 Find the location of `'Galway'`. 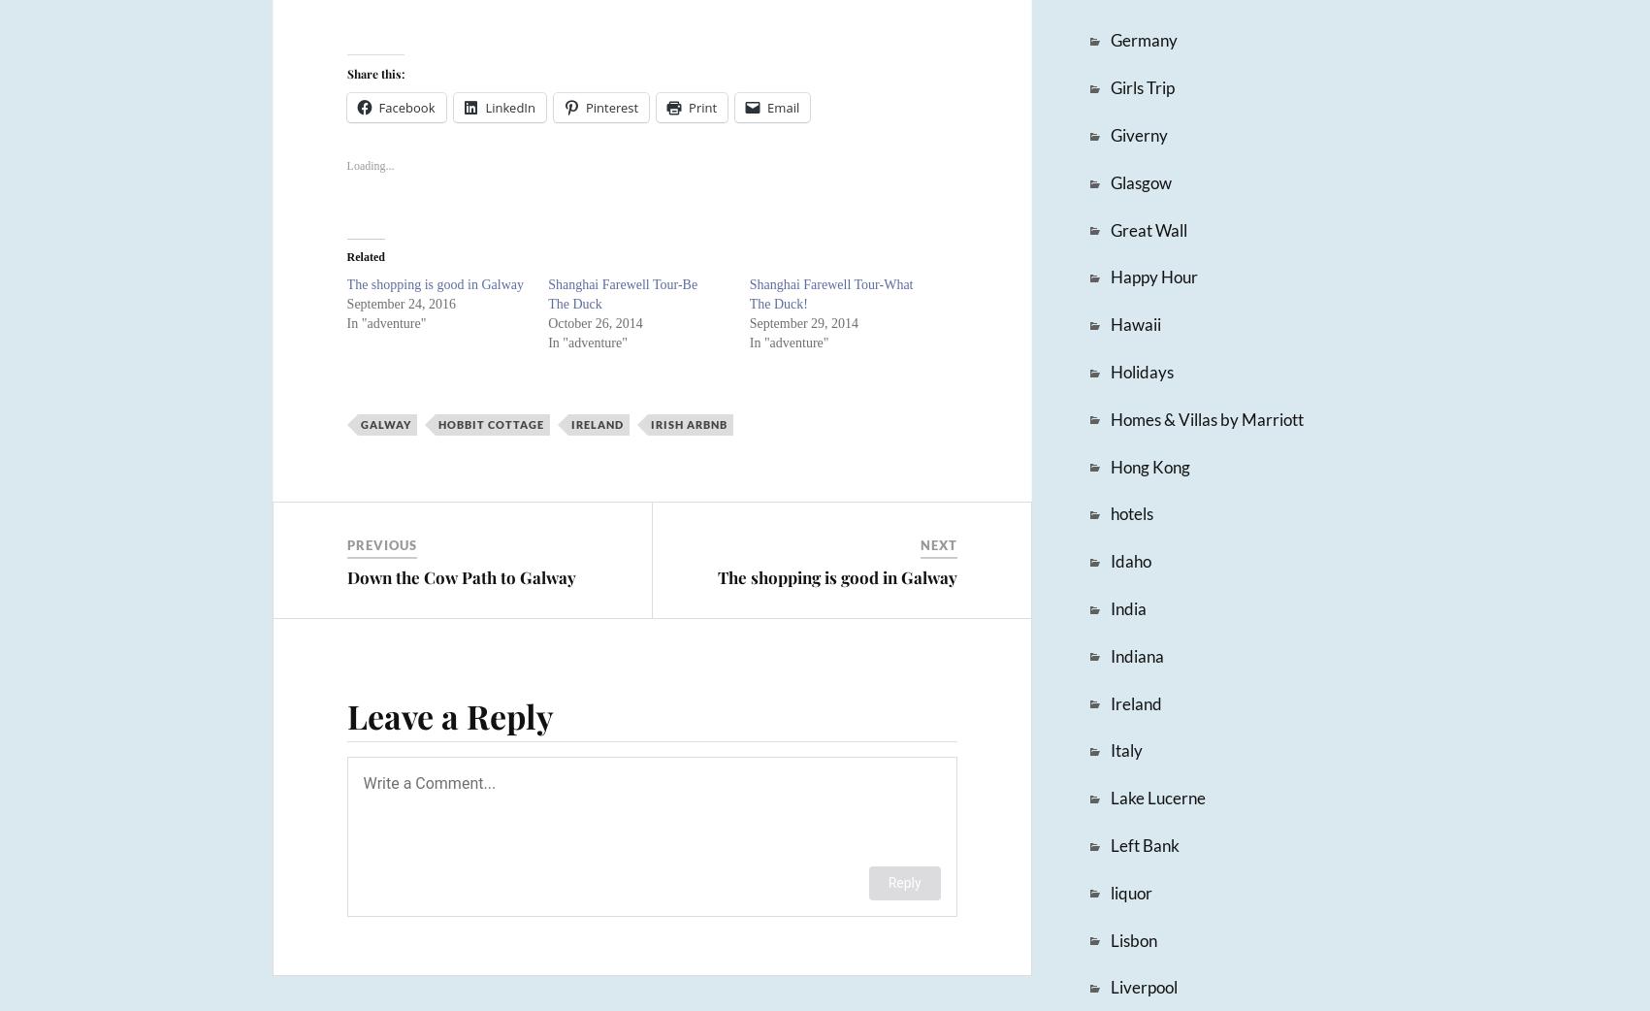

'Galway' is located at coordinates (384, 424).